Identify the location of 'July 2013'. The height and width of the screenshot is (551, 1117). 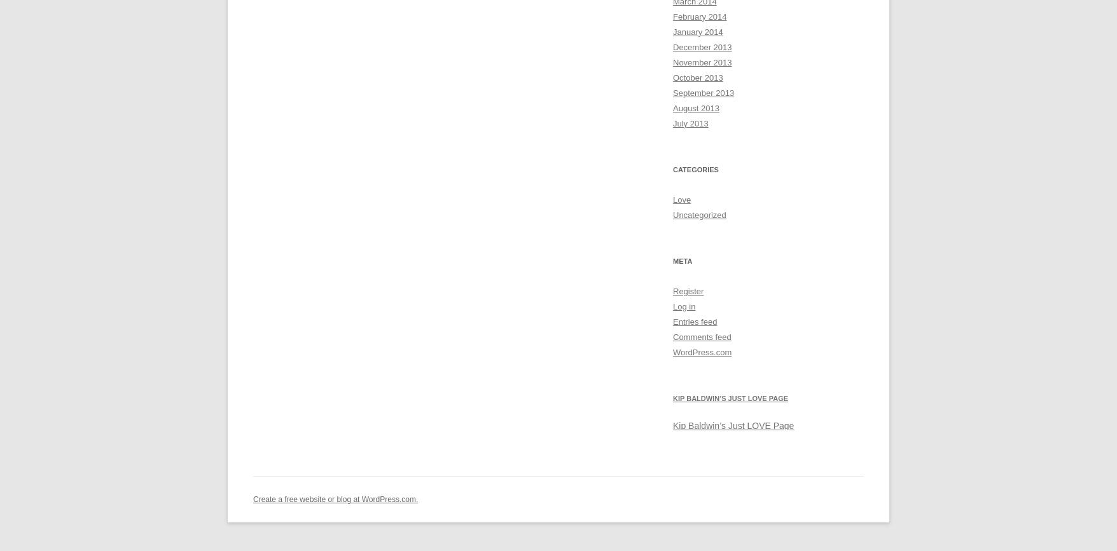
(690, 123).